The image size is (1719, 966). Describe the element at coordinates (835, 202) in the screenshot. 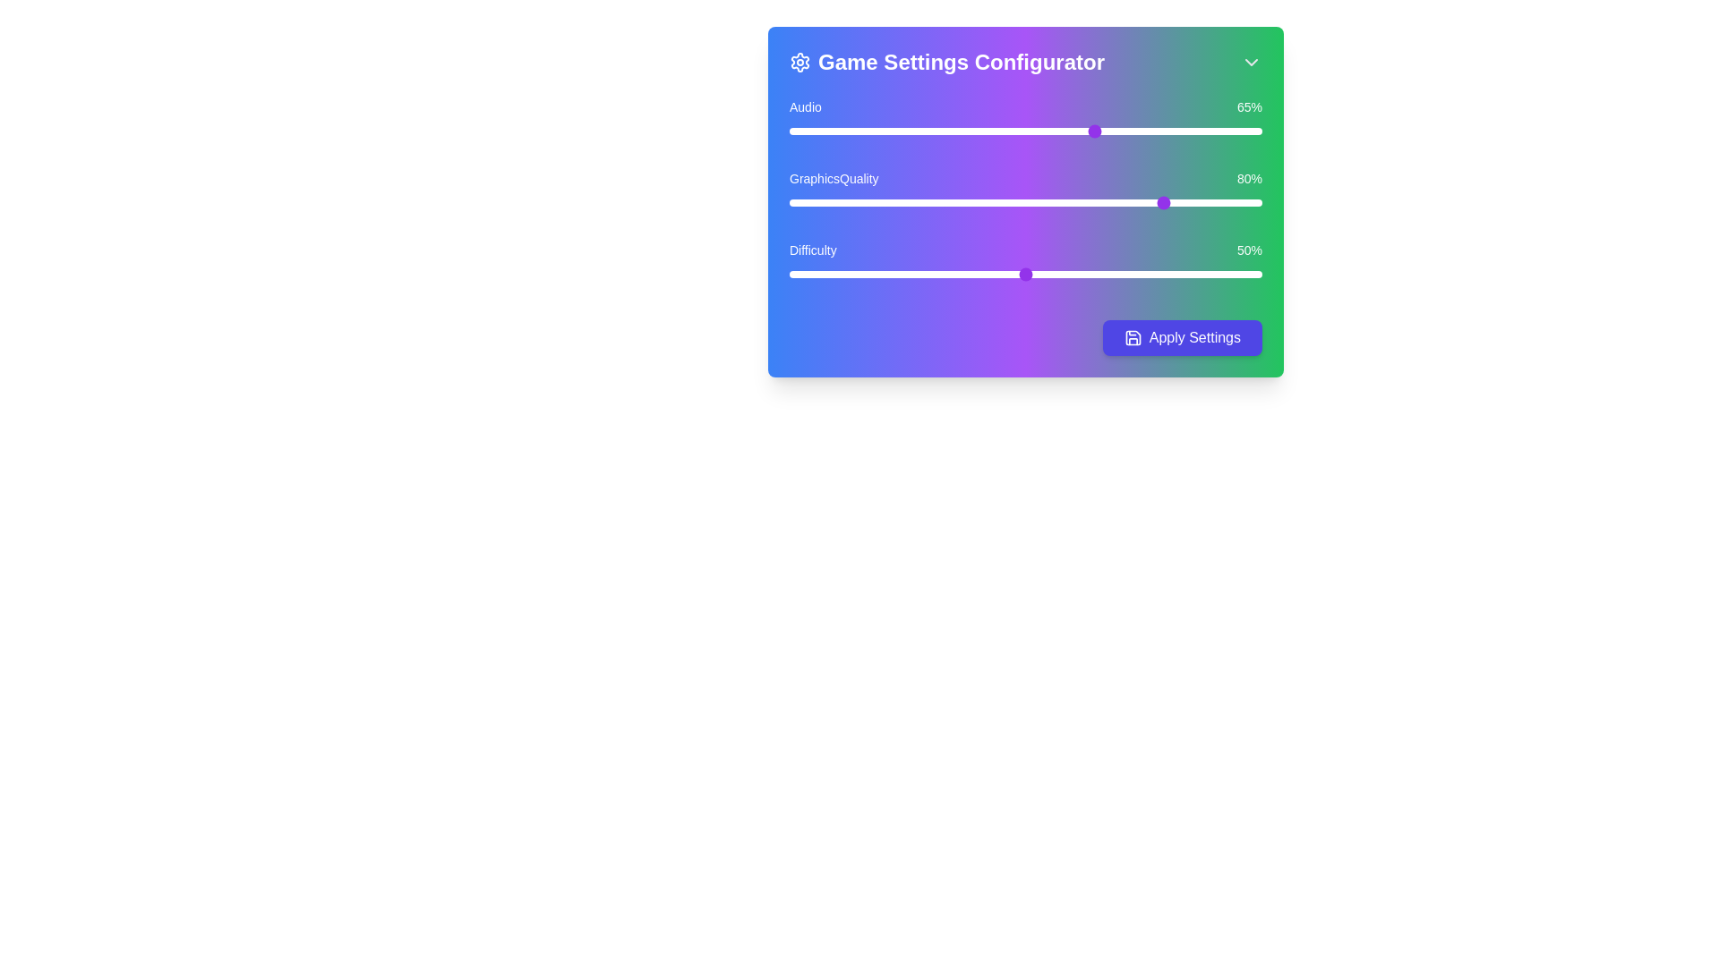

I see `the Graphics Quality` at that location.